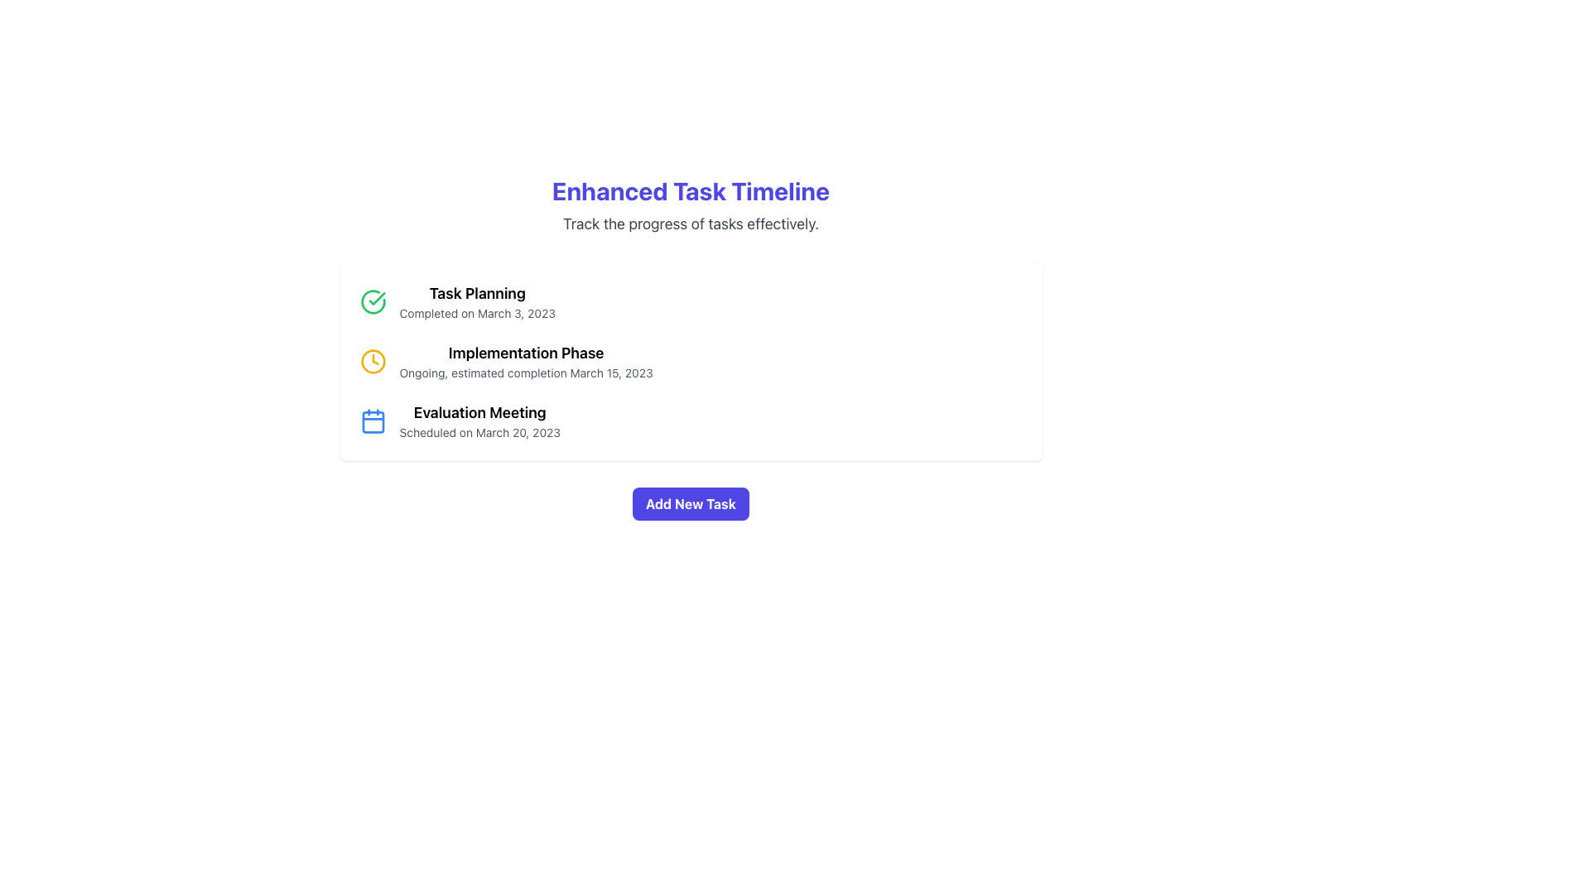 This screenshot has height=894, width=1590. Describe the element at coordinates (525, 353) in the screenshot. I see `the text label styled with a bold, large font that reads 'Implementation Phase', which is positioned above the details of the task timeline` at that location.